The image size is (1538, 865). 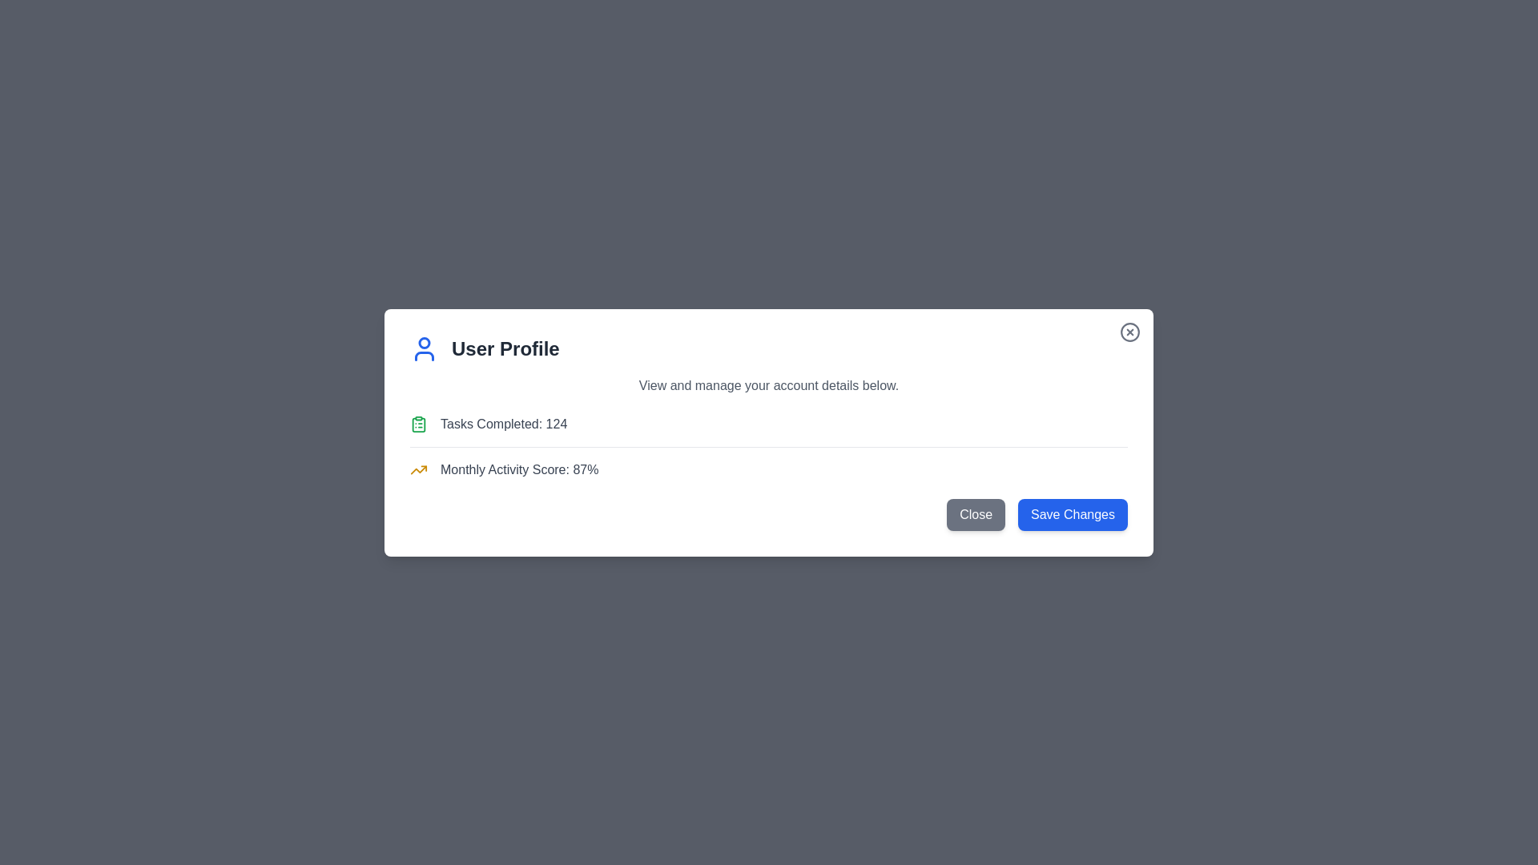 I want to click on the blue user profile icon, which is an outline drawing of a person, positioned to the far left of the 'User Profile' text in the row layout, so click(x=424, y=348).